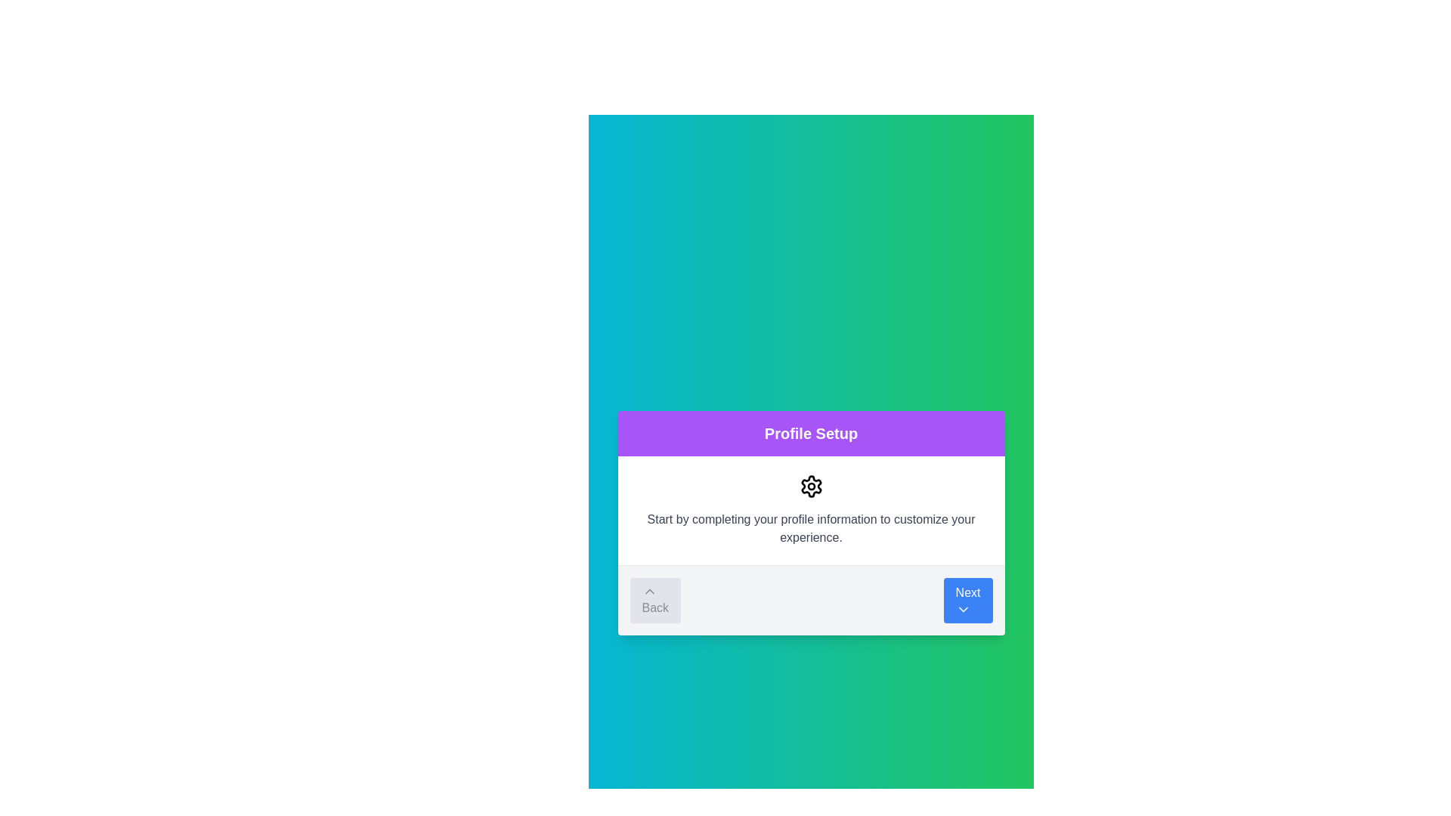 The image size is (1451, 816). Describe the element at coordinates (649, 590) in the screenshot. I see `the small upward-pointing chevron icon located within the 'Back' button on the left side of the footer section of the dialog box` at that location.